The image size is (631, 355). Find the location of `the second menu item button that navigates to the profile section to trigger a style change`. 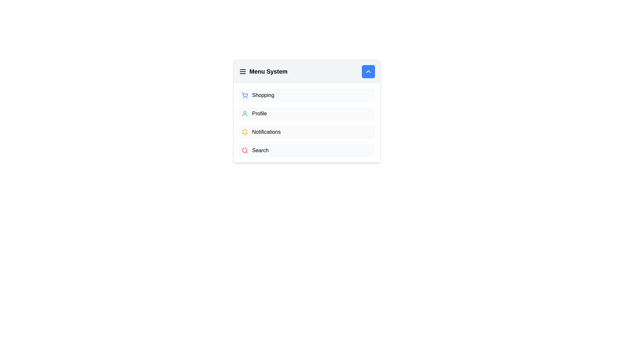

the second menu item button that navigates to the profile section to trigger a style change is located at coordinates (307, 113).